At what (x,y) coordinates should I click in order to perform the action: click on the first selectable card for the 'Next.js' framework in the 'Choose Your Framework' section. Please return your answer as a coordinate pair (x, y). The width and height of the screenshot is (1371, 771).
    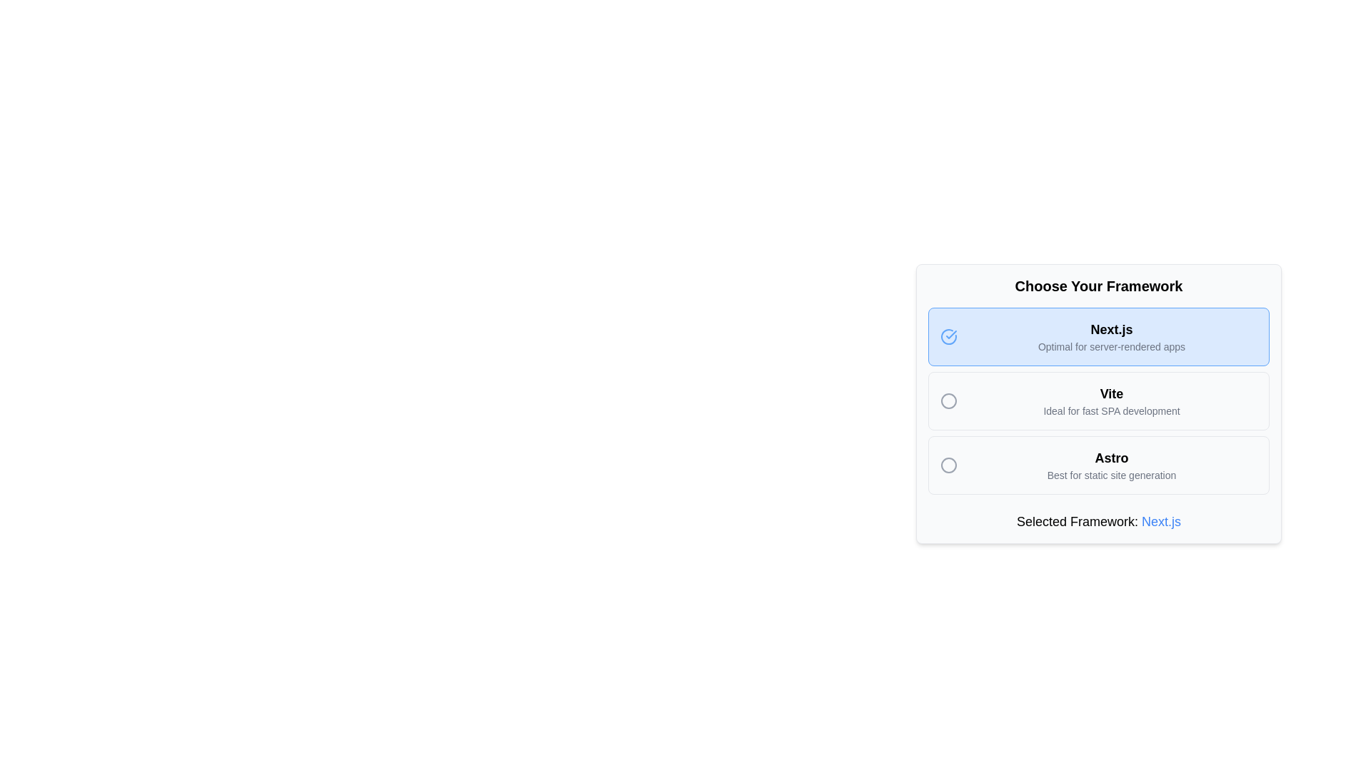
    Looking at the image, I should click on (1098, 336).